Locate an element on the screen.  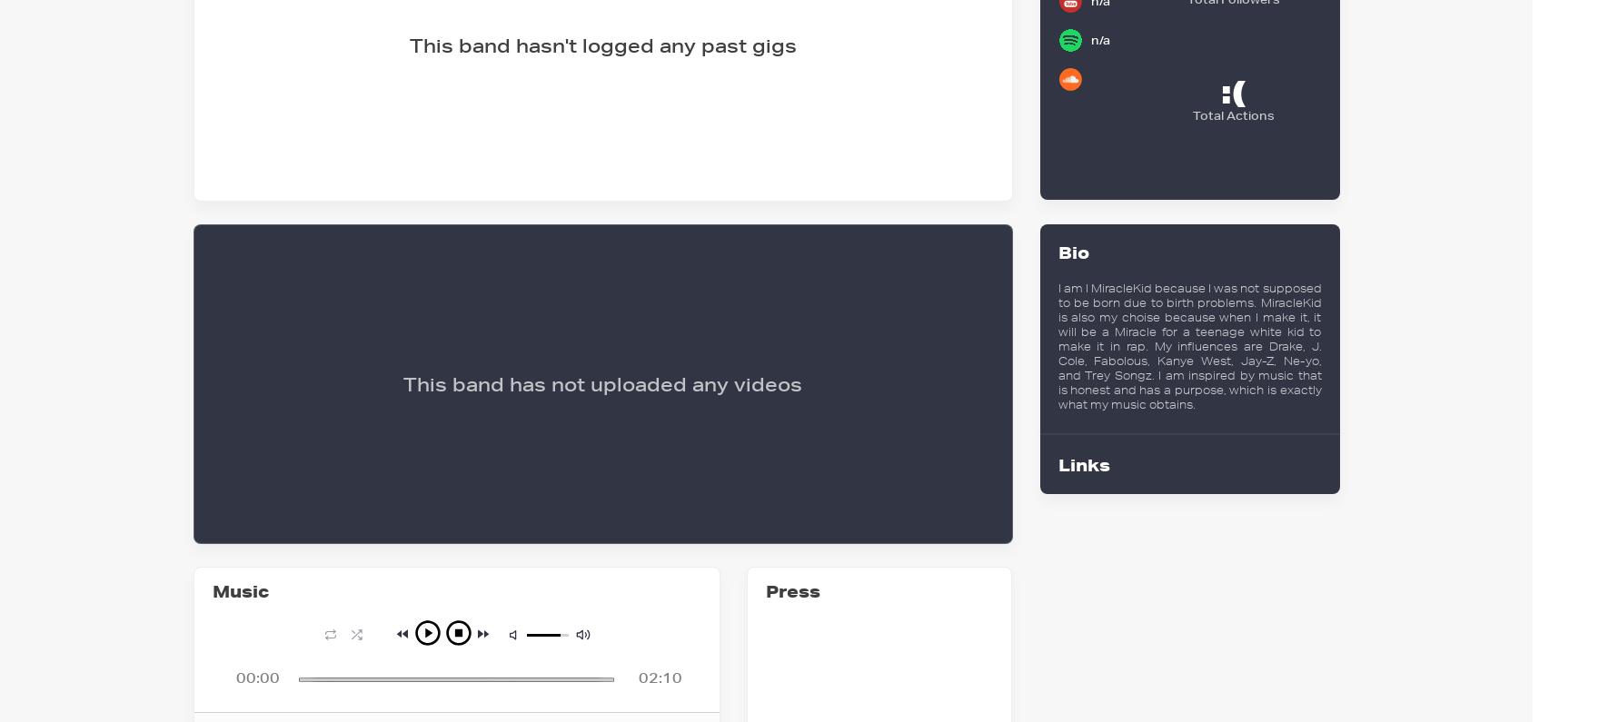
'Press' is located at coordinates (763, 590).